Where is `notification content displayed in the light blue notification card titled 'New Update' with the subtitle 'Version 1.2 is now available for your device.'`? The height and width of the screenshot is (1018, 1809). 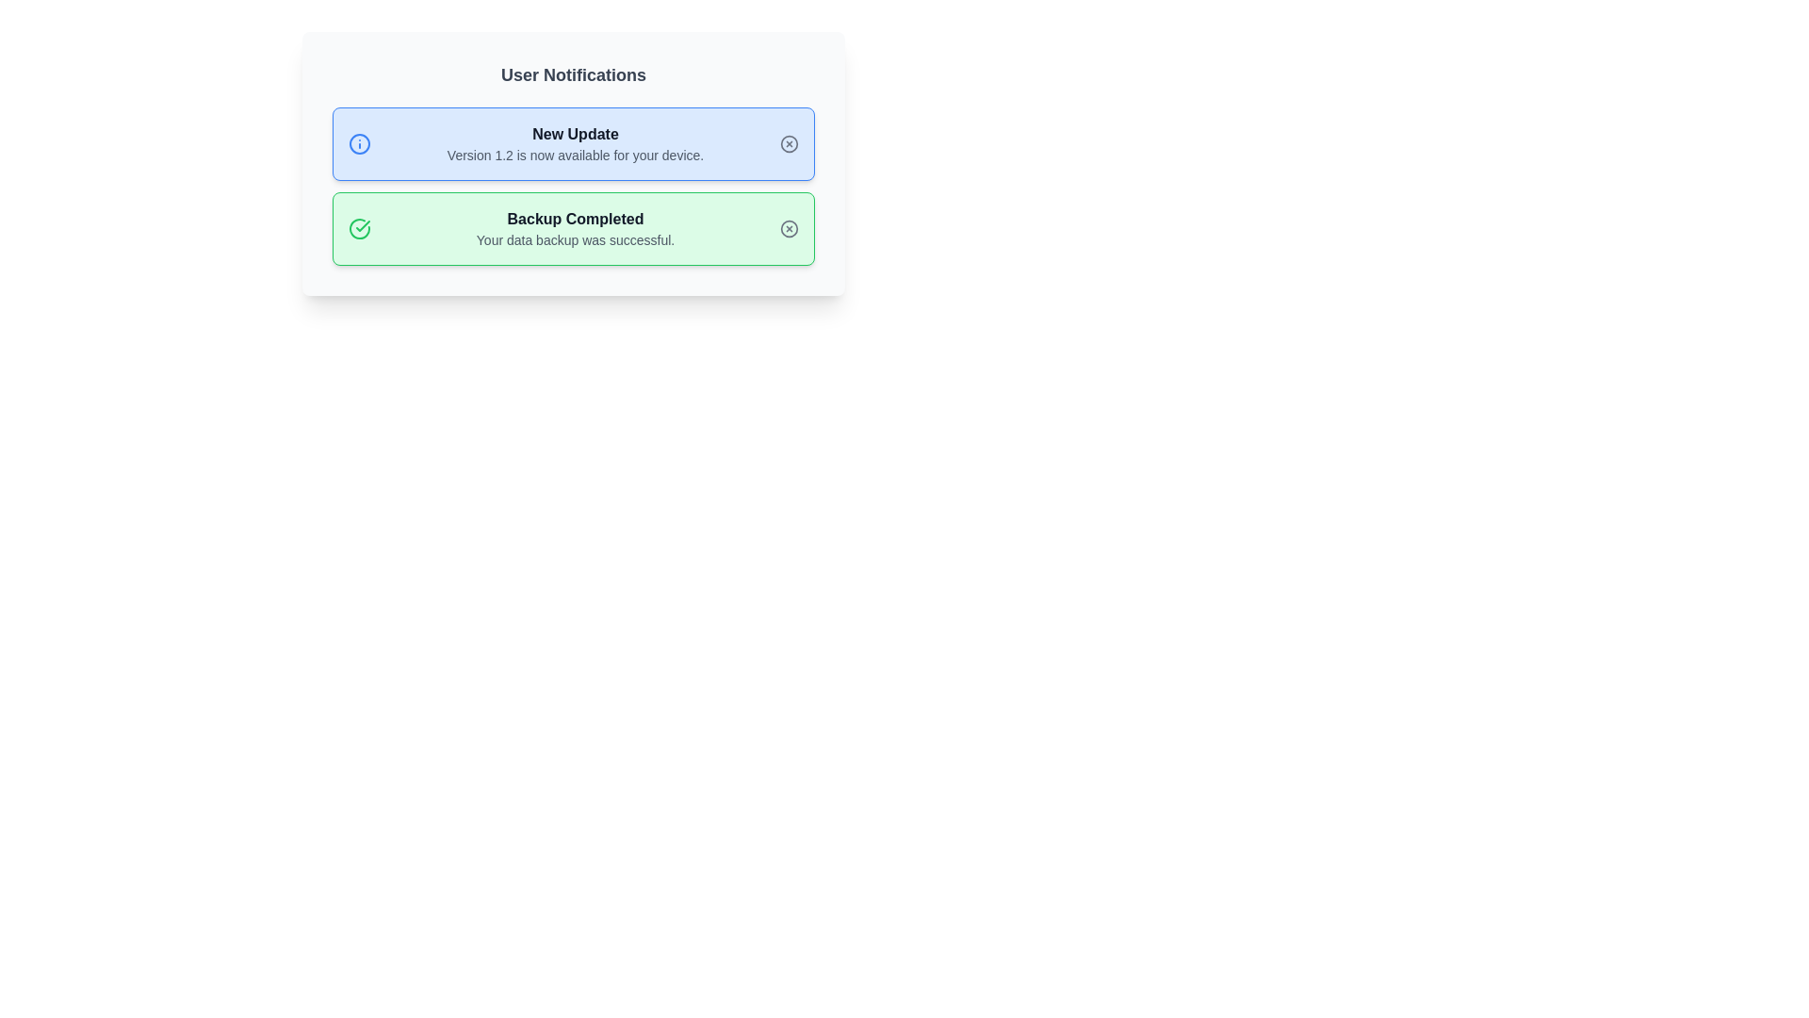
notification content displayed in the light blue notification card titled 'New Update' with the subtitle 'Version 1.2 is now available for your device.' is located at coordinates (573, 143).